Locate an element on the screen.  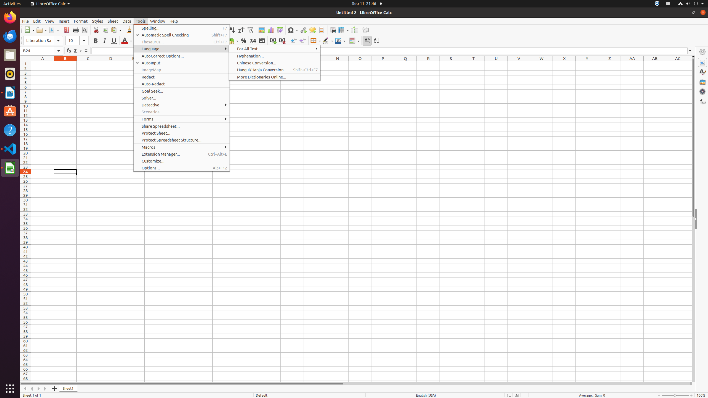
'Text direction from top to bottom' is located at coordinates (376, 40).